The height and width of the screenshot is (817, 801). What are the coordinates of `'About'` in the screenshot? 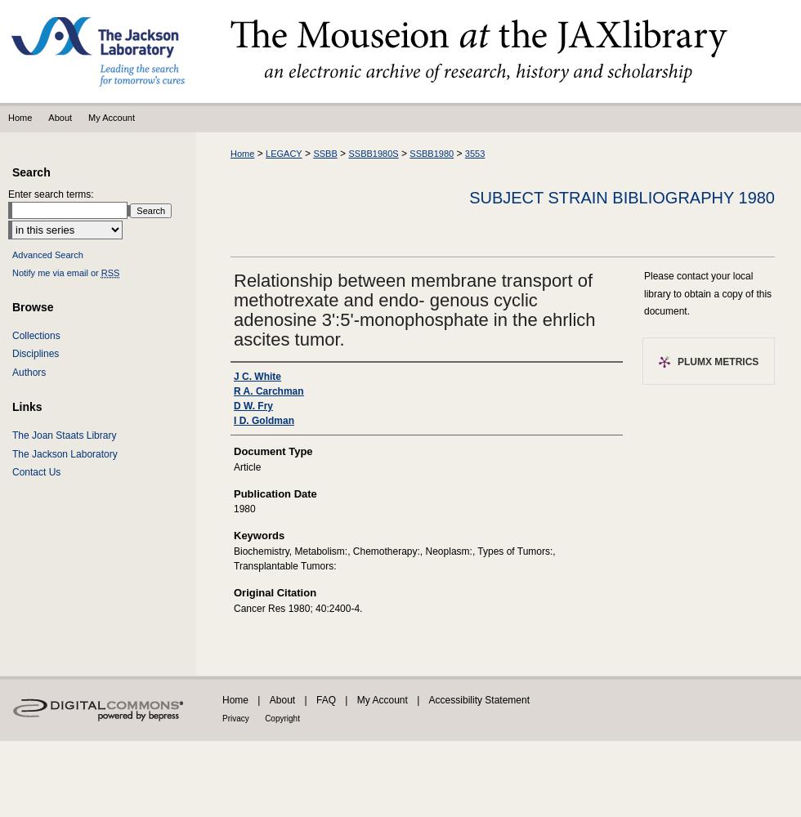 It's located at (268, 699).